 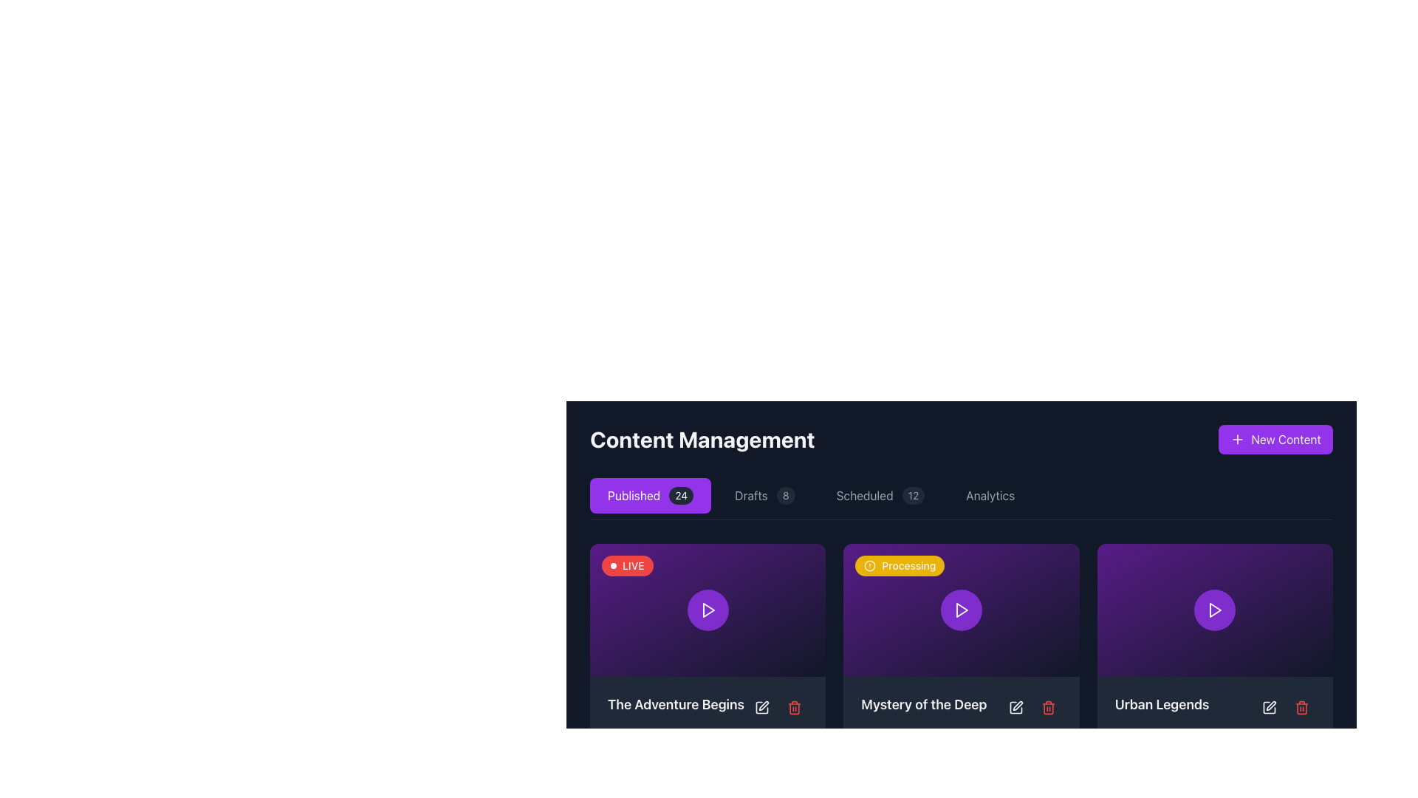 What do you see at coordinates (961, 610) in the screenshot?
I see `the button located in the middle card of three, directly below the 'Content Management' section and under the yellow 'Processing' tag to observe the visual effect` at bounding box center [961, 610].